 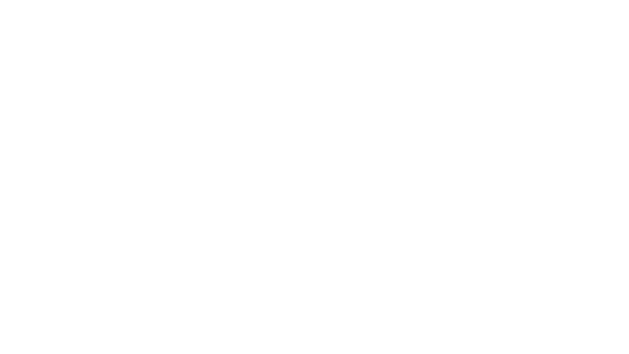 What do you see at coordinates (621, 348) in the screenshot?
I see `Click here for troubleshooting information` at bounding box center [621, 348].